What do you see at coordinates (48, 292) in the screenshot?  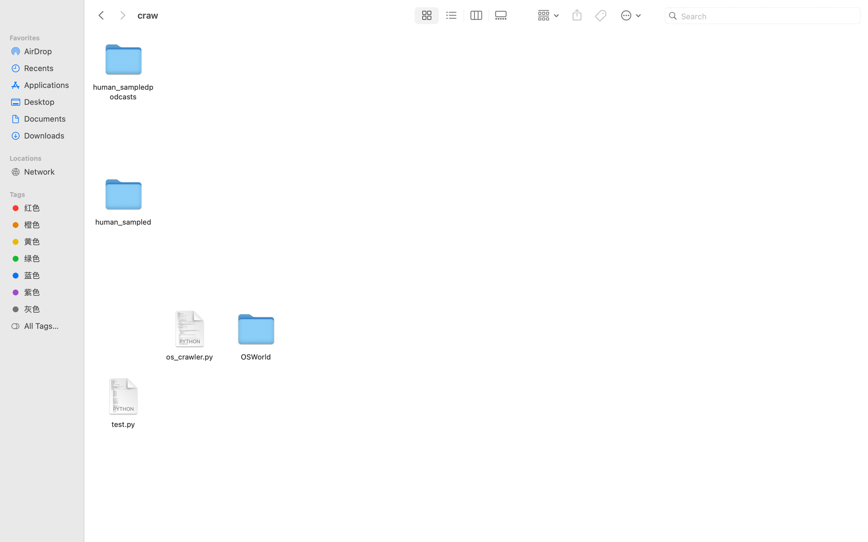 I see `'紫色'` at bounding box center [48, 292].